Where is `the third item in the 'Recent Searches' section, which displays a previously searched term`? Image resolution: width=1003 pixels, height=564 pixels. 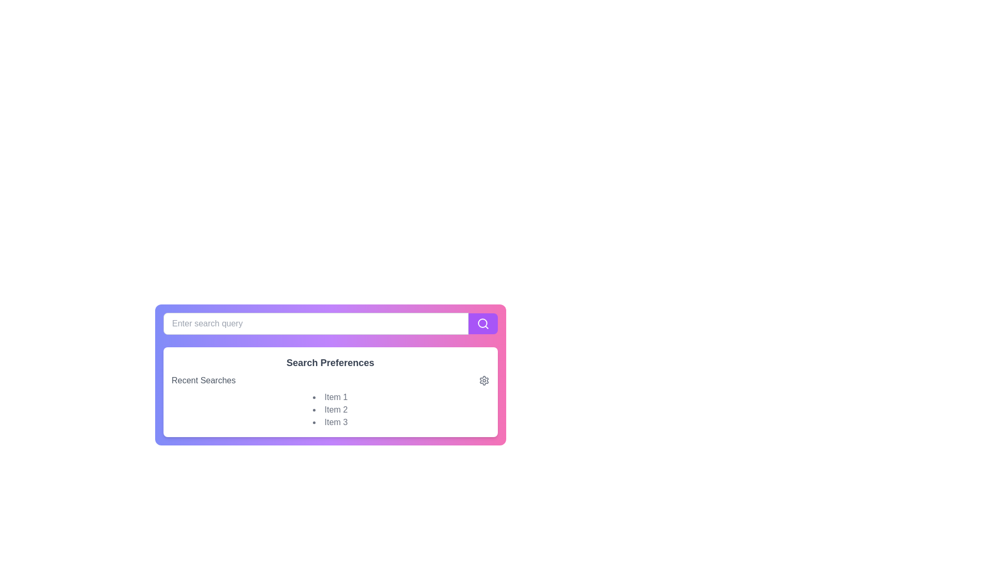
the third item in the 'Recent Searches' section, which displays a previously searched term is located at coordinates (330, 422).